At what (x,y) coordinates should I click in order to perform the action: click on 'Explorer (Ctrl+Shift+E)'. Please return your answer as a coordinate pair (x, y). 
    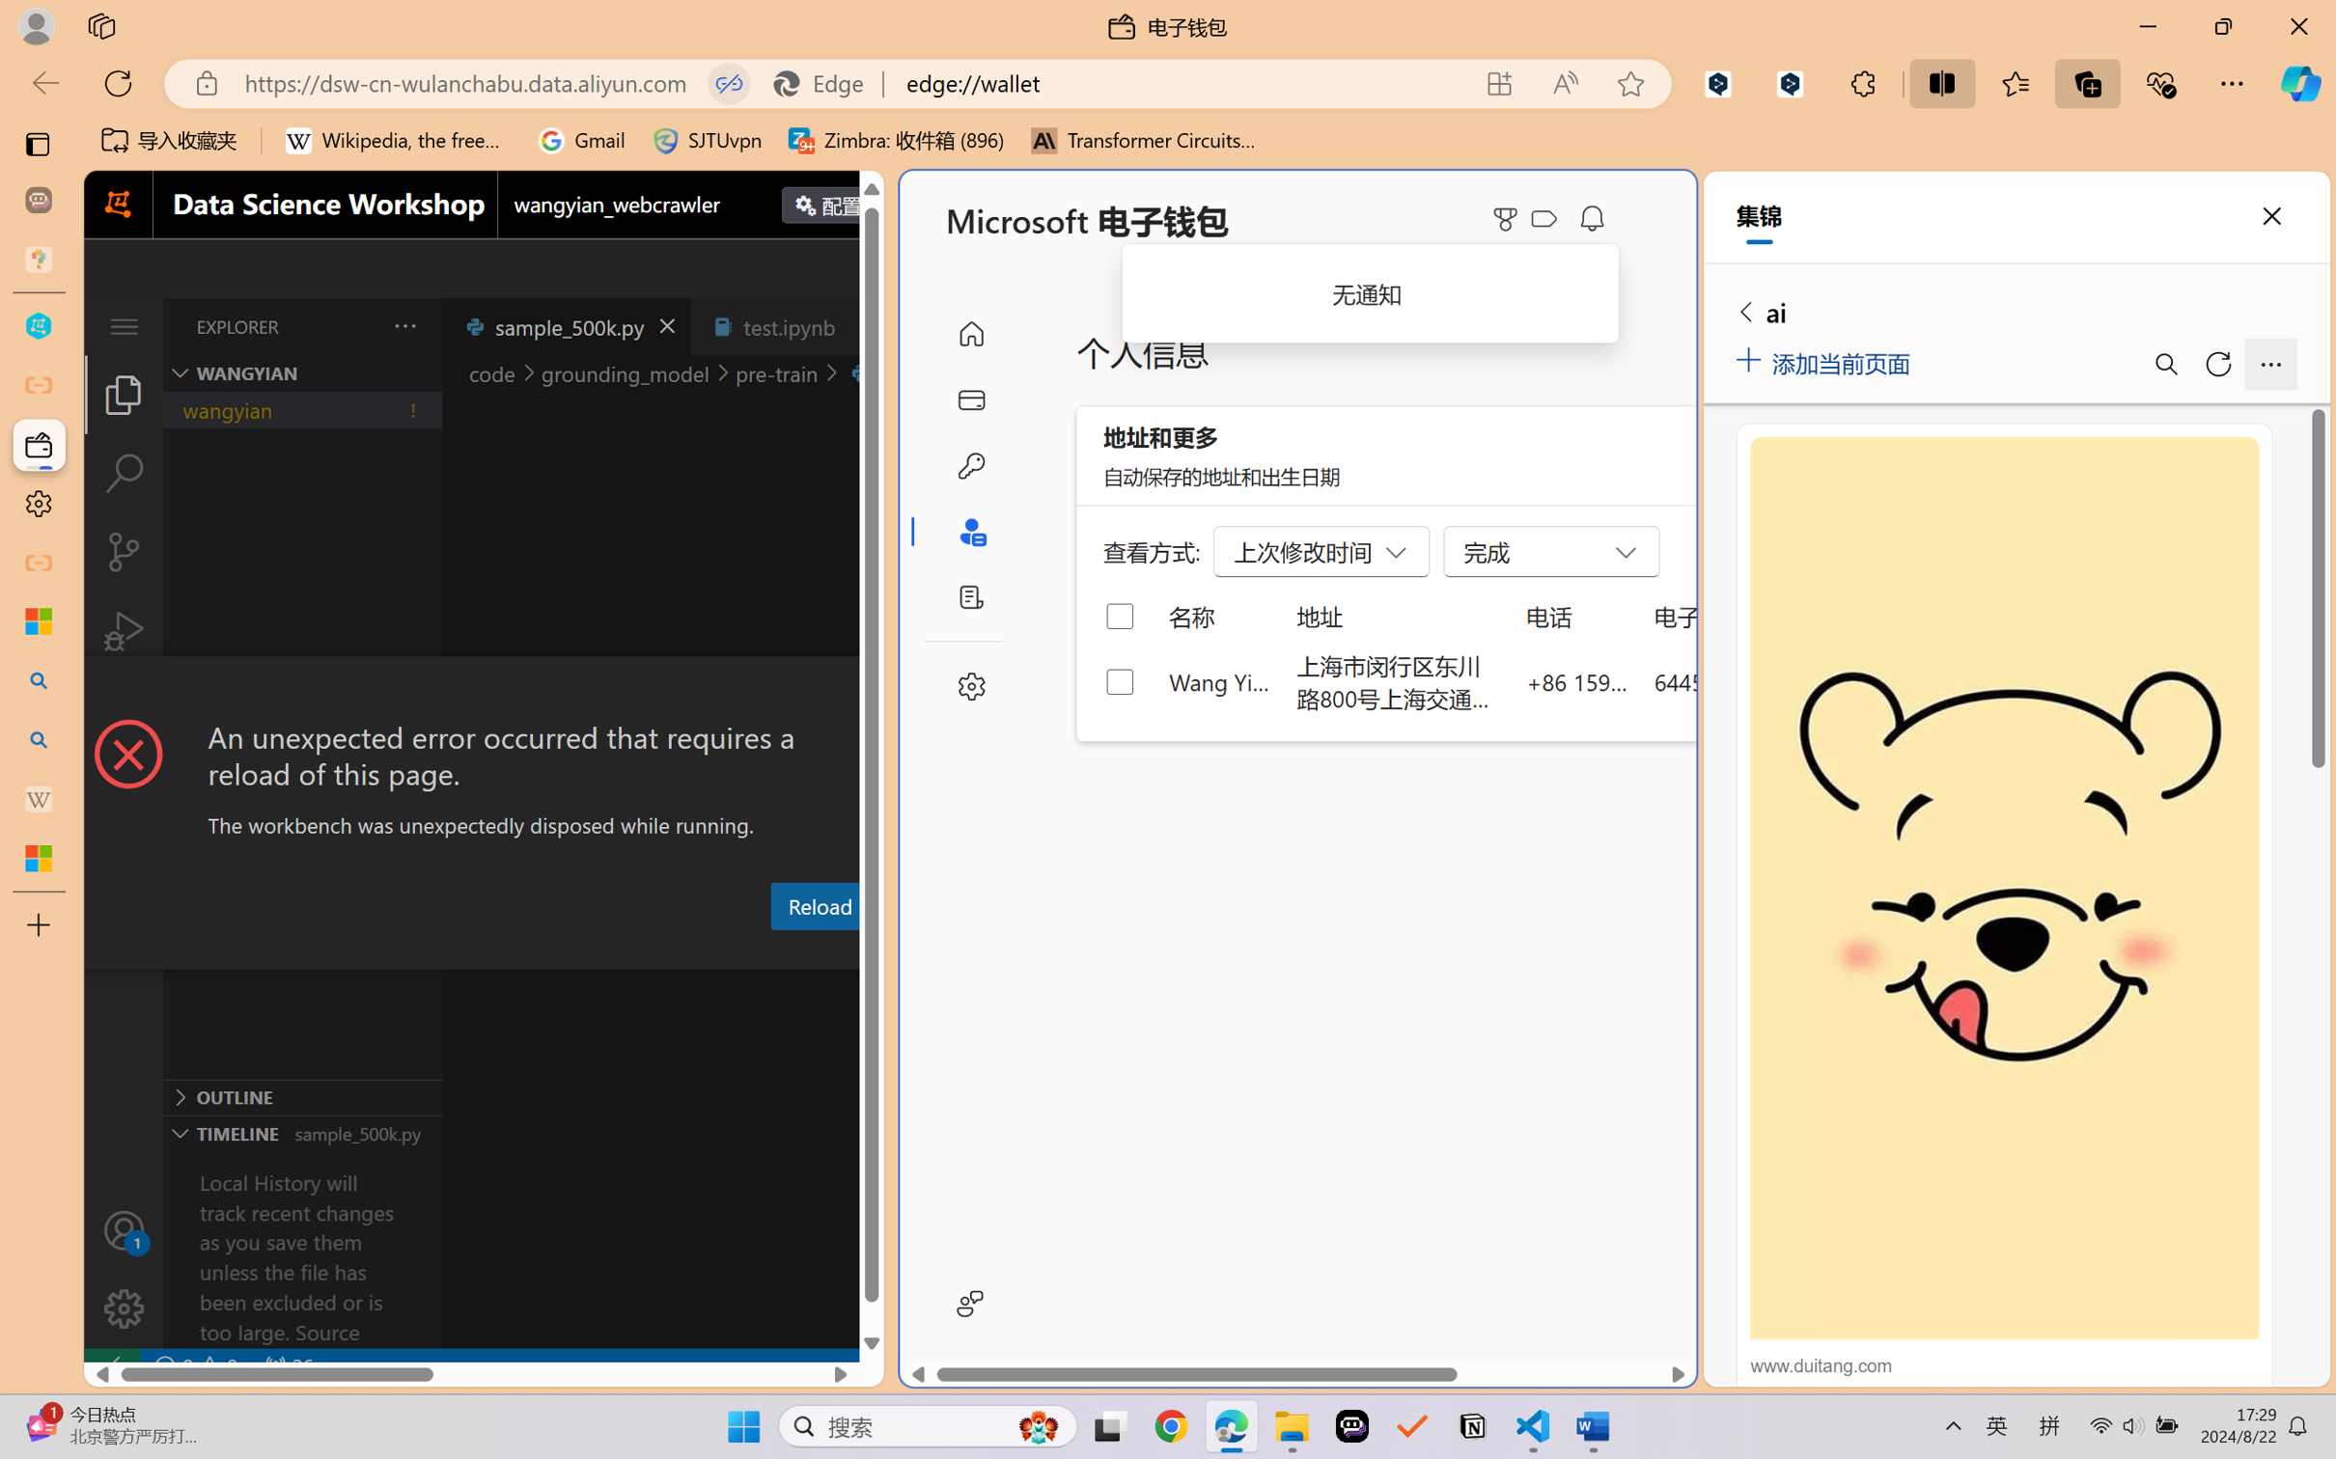
    Looking at the image, I should click on (123, 393).